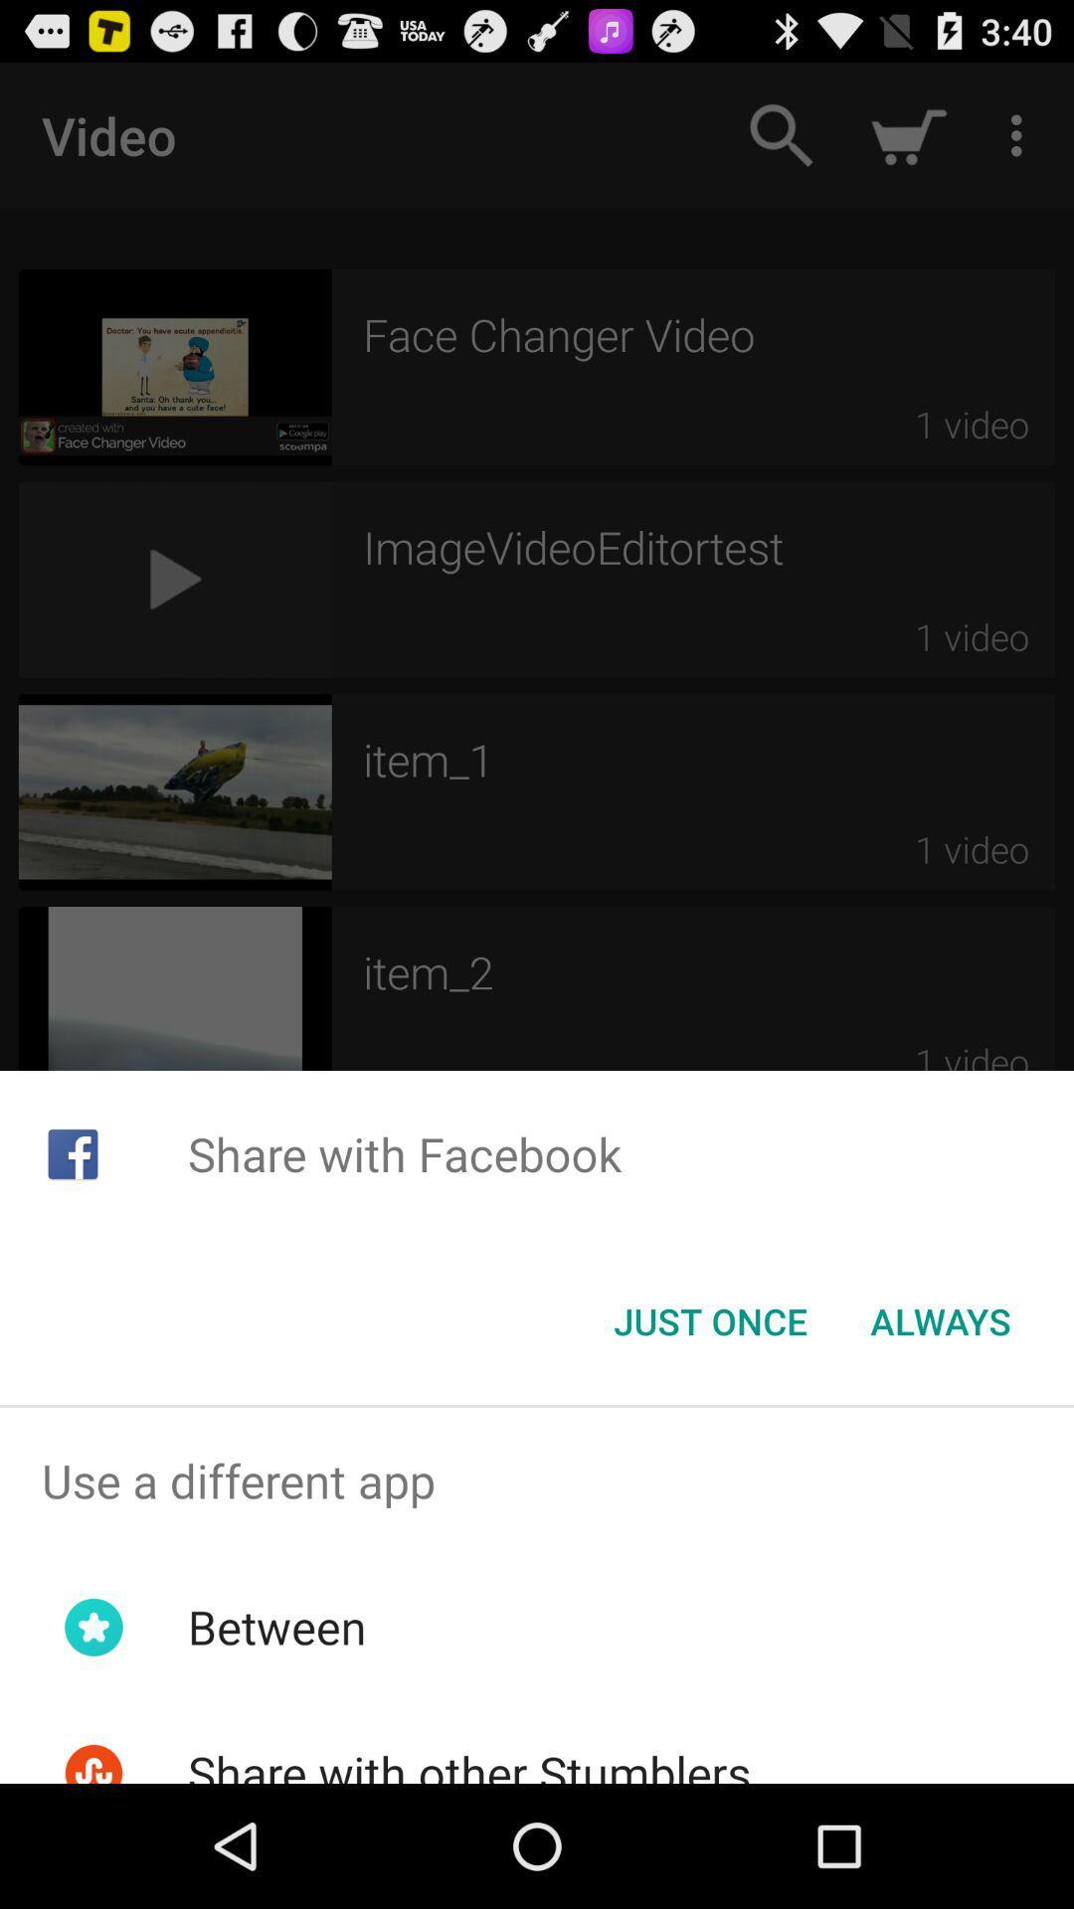 The height and width of the screenshot is (1909, 1074). I want to click on icon below the share with facebook app, so click(940, 1321).